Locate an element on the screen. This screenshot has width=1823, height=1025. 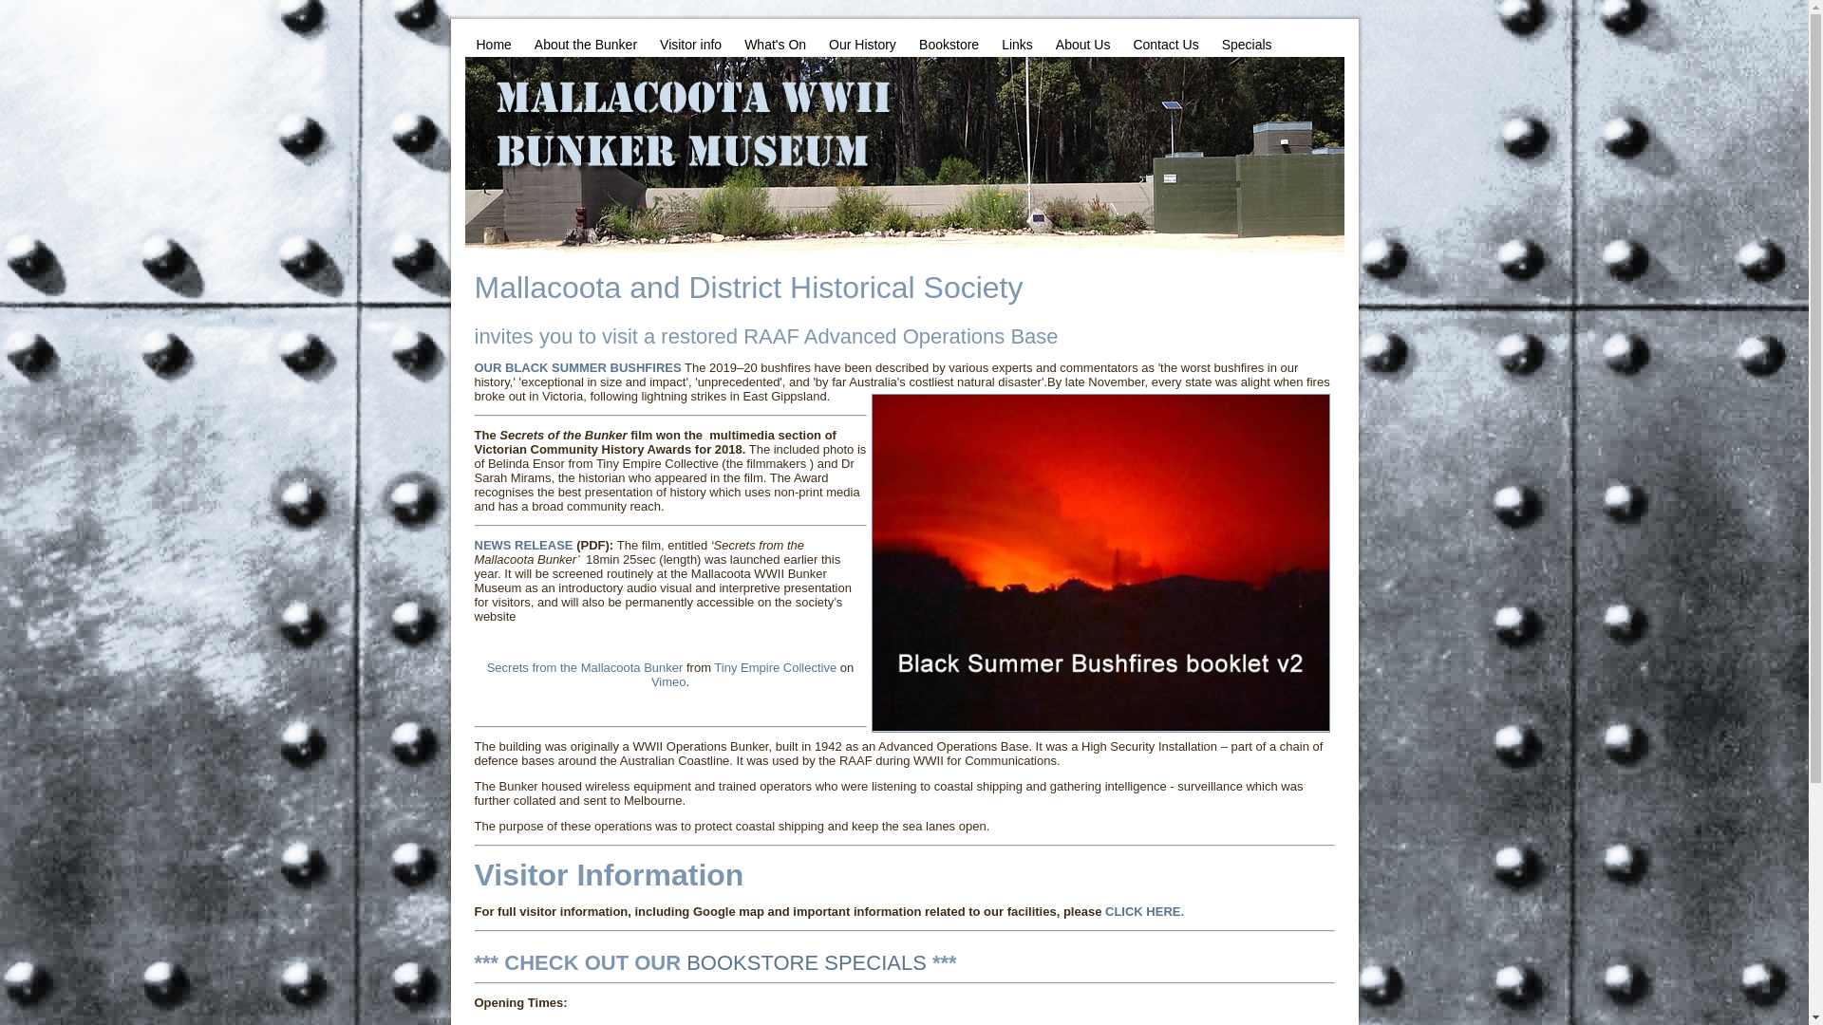
'BOOKSTORE SPECIALS' is located at coordinates (806, 962).